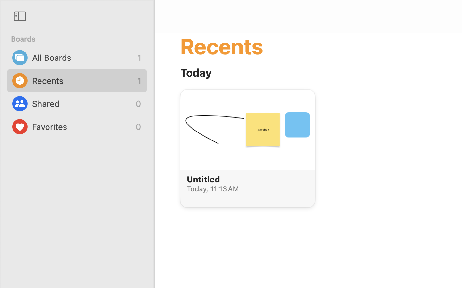 Image resolution: width=462 pixels, height=288 pixels. What do you see at coordinates (83, 80) in the screenshot?
I see `'Recents'` at bounding box center [83, 80].